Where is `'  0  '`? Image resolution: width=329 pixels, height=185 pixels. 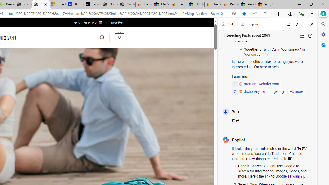
'  0  ' is located at coordinates (119, 37).